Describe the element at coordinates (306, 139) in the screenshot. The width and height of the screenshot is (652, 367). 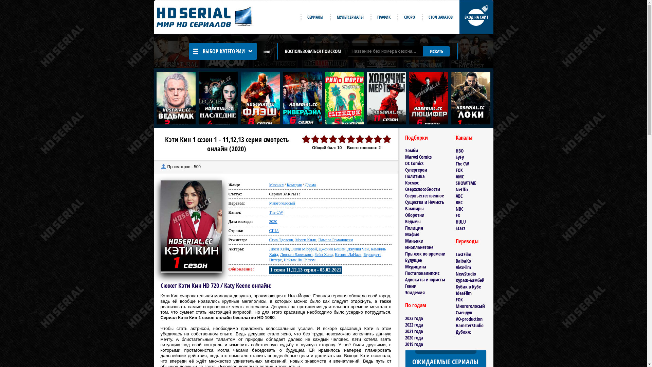
I see `'1'` at that location.